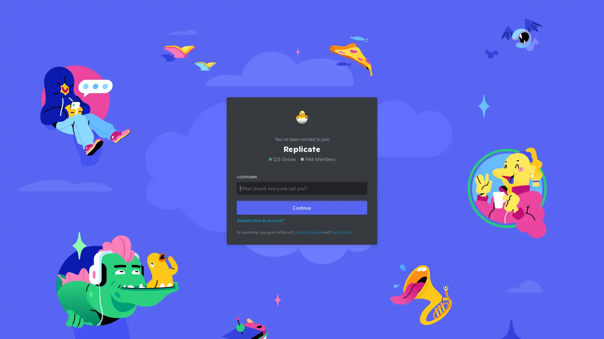 Image resolution: width=604 pixels, height=339 pixels. What do you see at coordinates (302, 206) in the screenshot?
I see `Continue` at bounding box center [302, 206].